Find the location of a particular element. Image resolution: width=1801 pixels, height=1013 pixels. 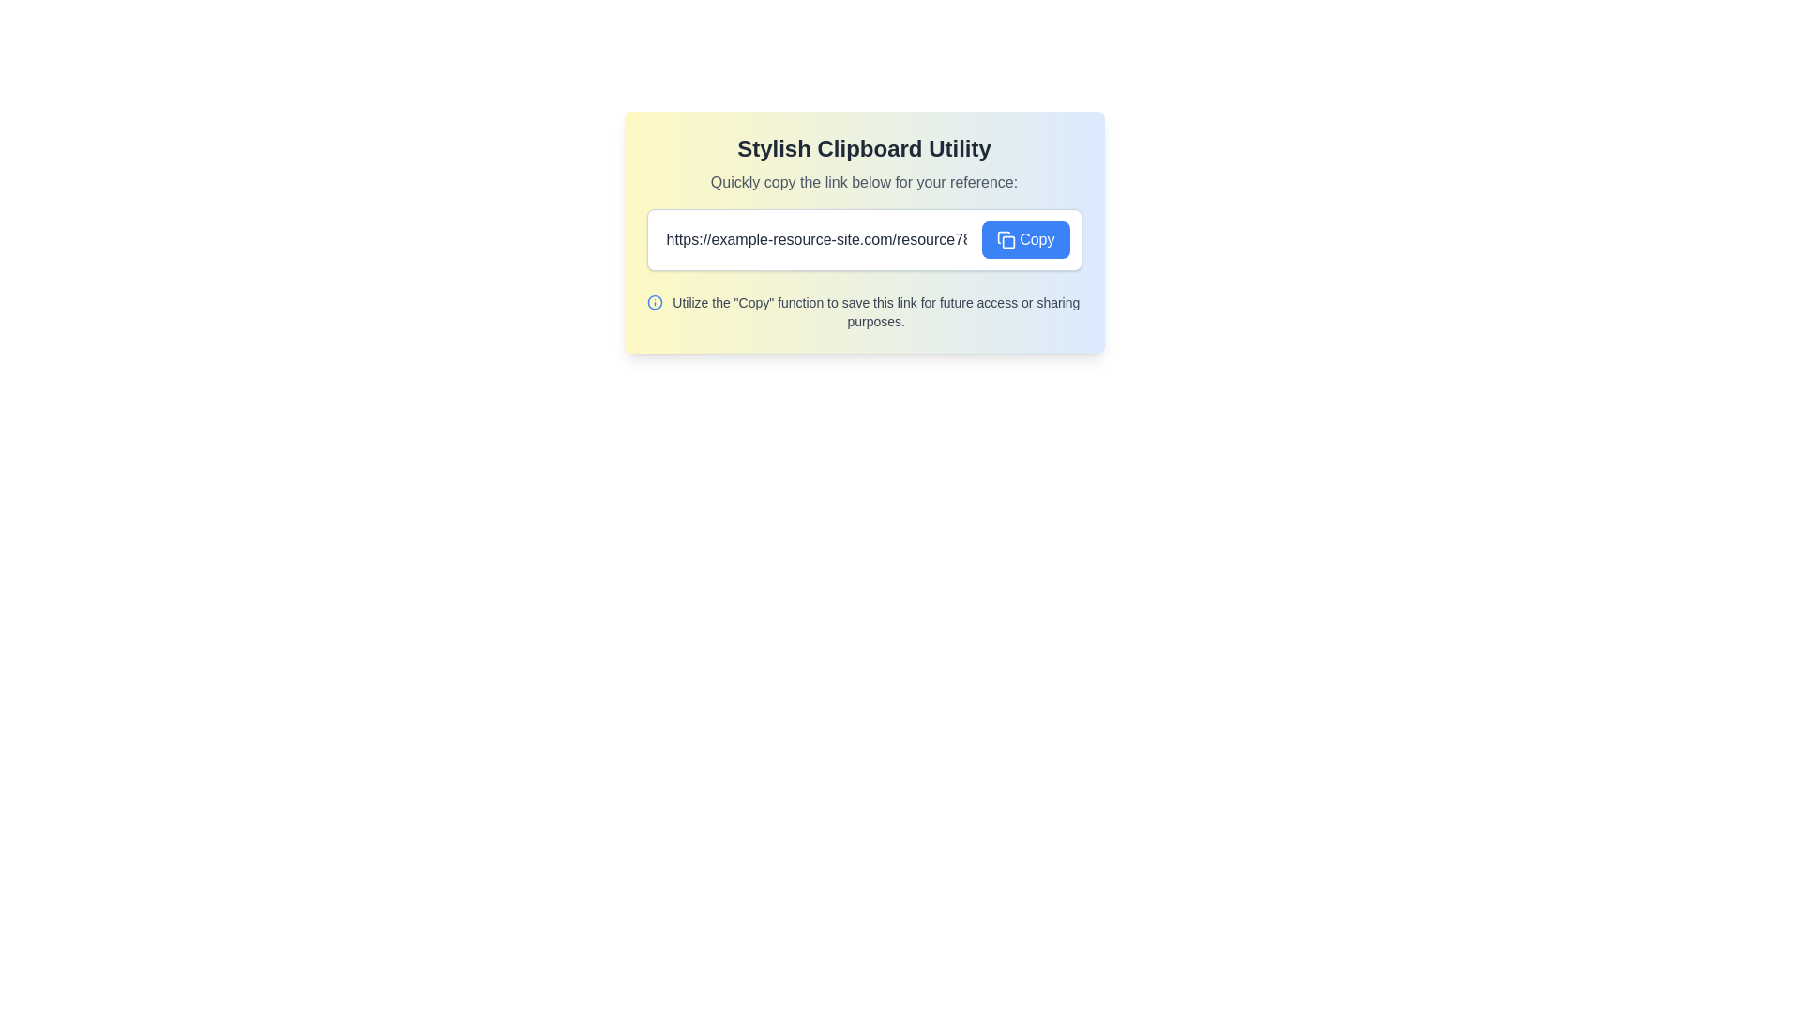

the icon that visually complements the 'Copy' button, located to the right of the URL input field is located at coordinates (1006, 238).